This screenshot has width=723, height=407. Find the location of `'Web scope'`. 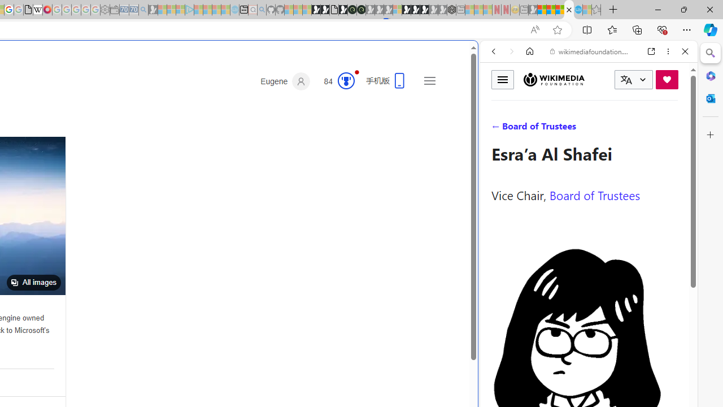

'Web scope' is located at coordinates (498, 102).